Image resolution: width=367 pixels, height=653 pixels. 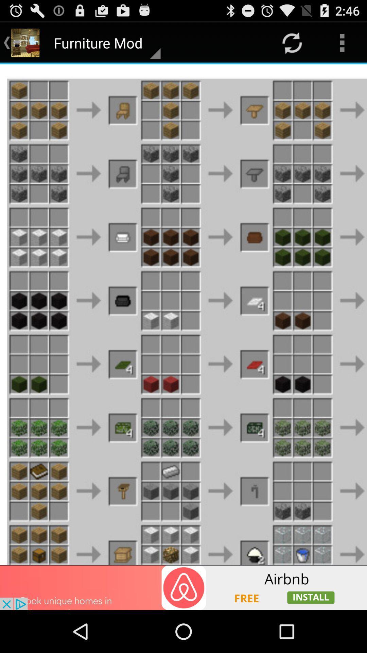 What do you see at coordinates (183, 587) in the screenshot?
I see `open advertisement` at bounding box center [183, 587].